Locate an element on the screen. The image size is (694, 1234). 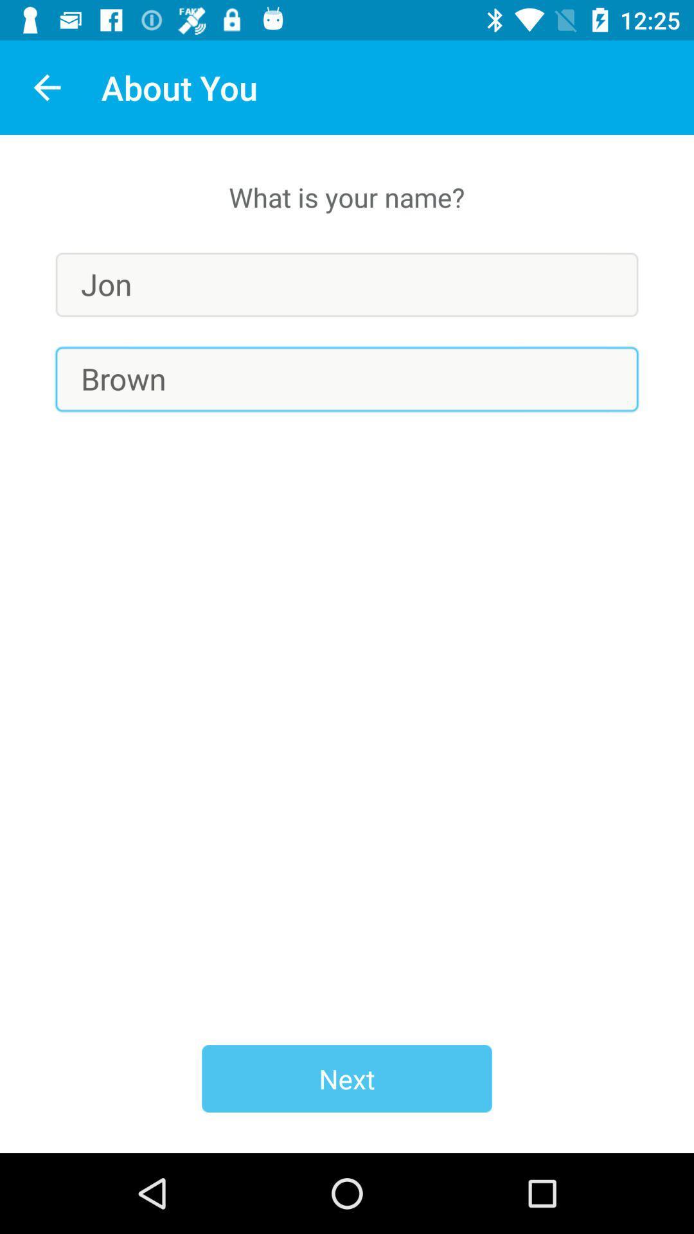
the jon item is located at coordinates (347, 284).